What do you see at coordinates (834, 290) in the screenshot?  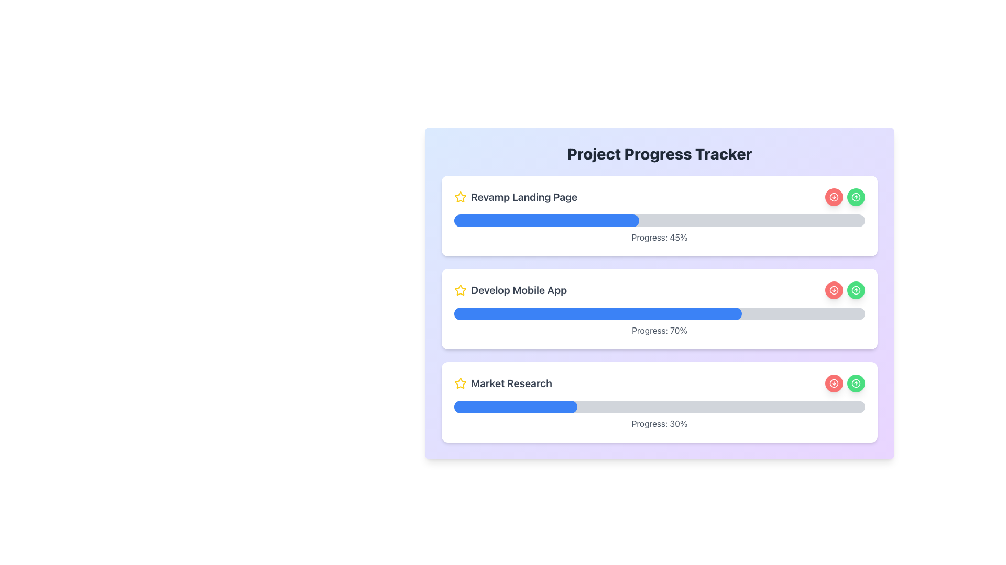 I see `the circular button with a red background and a downward arrow icon, located in the bottom-right corner of the 'Develop Mobile App' section` at bounding box center [834, 290].